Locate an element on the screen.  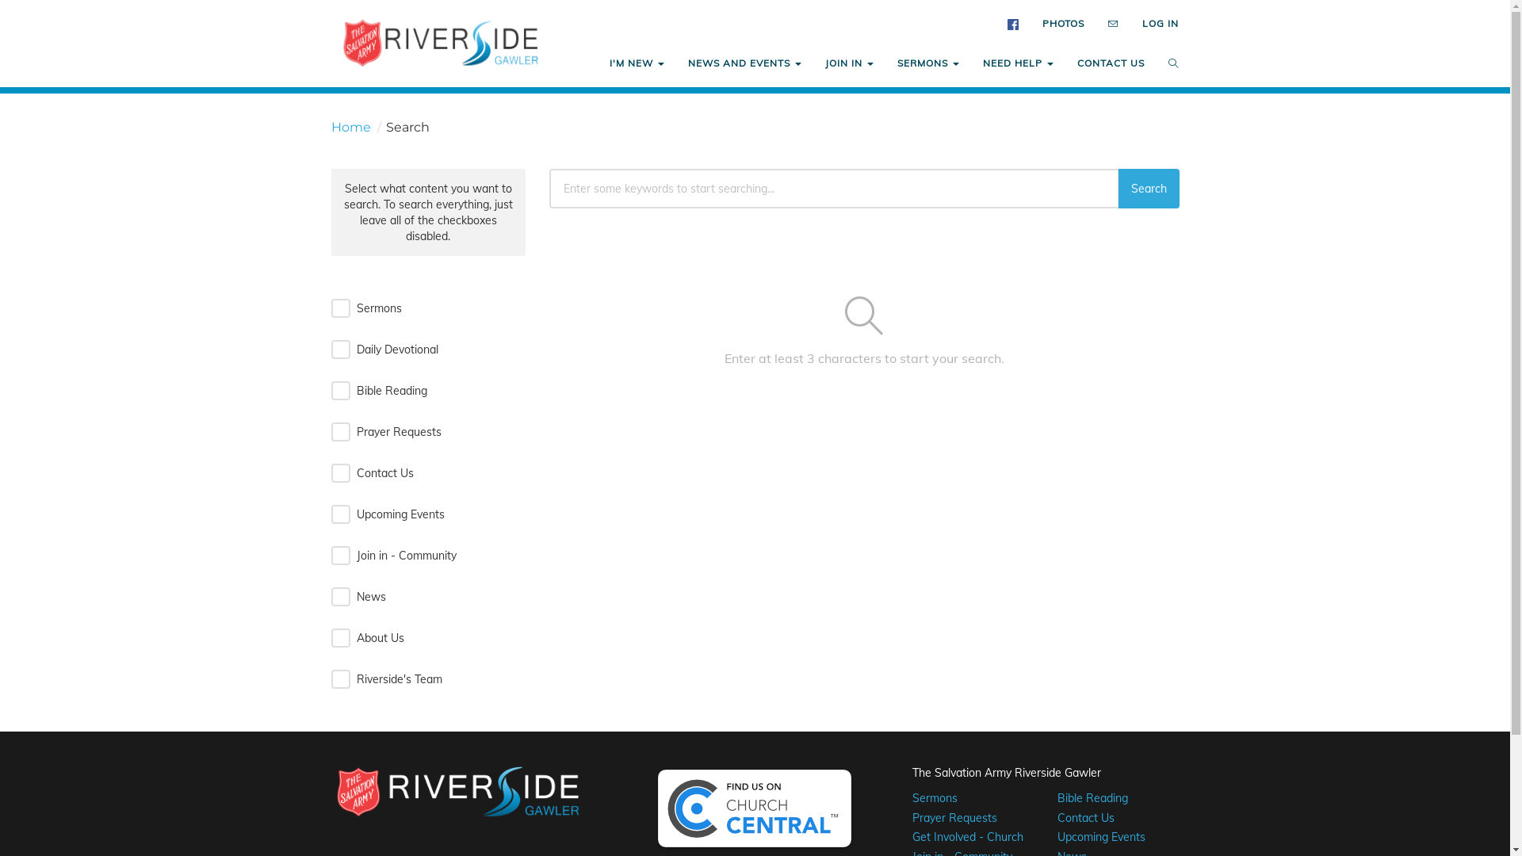
'PHOTOS' is located at coordinates (1031, 24).